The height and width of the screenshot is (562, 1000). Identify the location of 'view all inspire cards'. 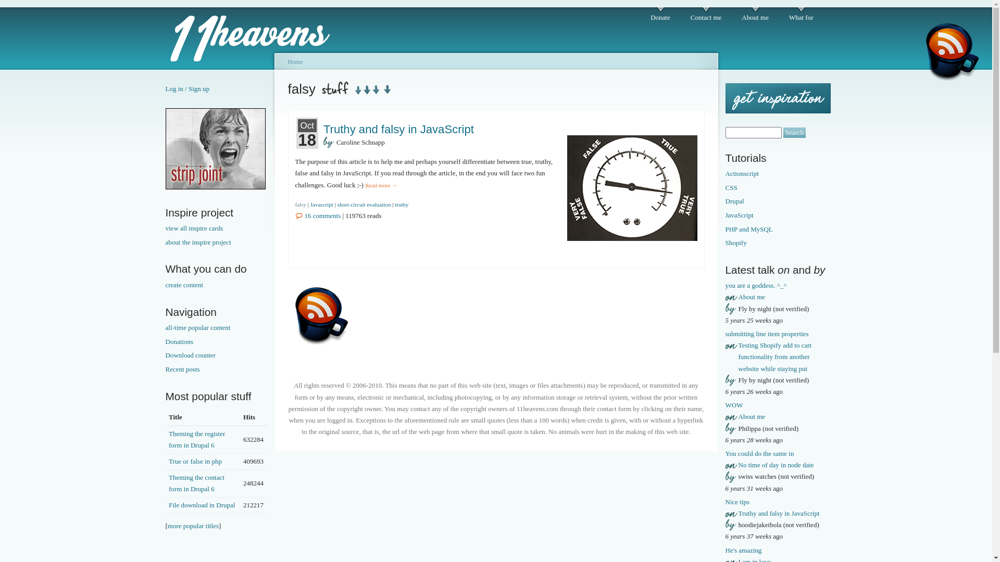
(216, 228).